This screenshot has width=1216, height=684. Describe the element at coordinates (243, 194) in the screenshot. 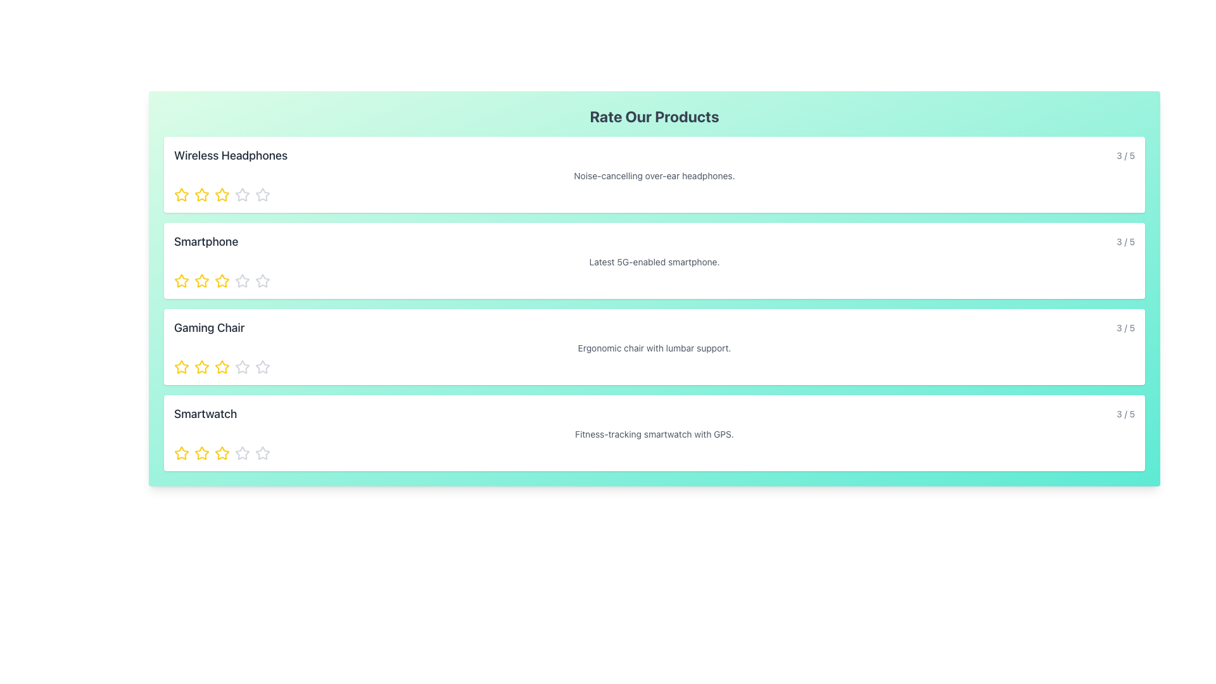

I see `the fourth Rating Star Icon for keyboard navigation` at that location.